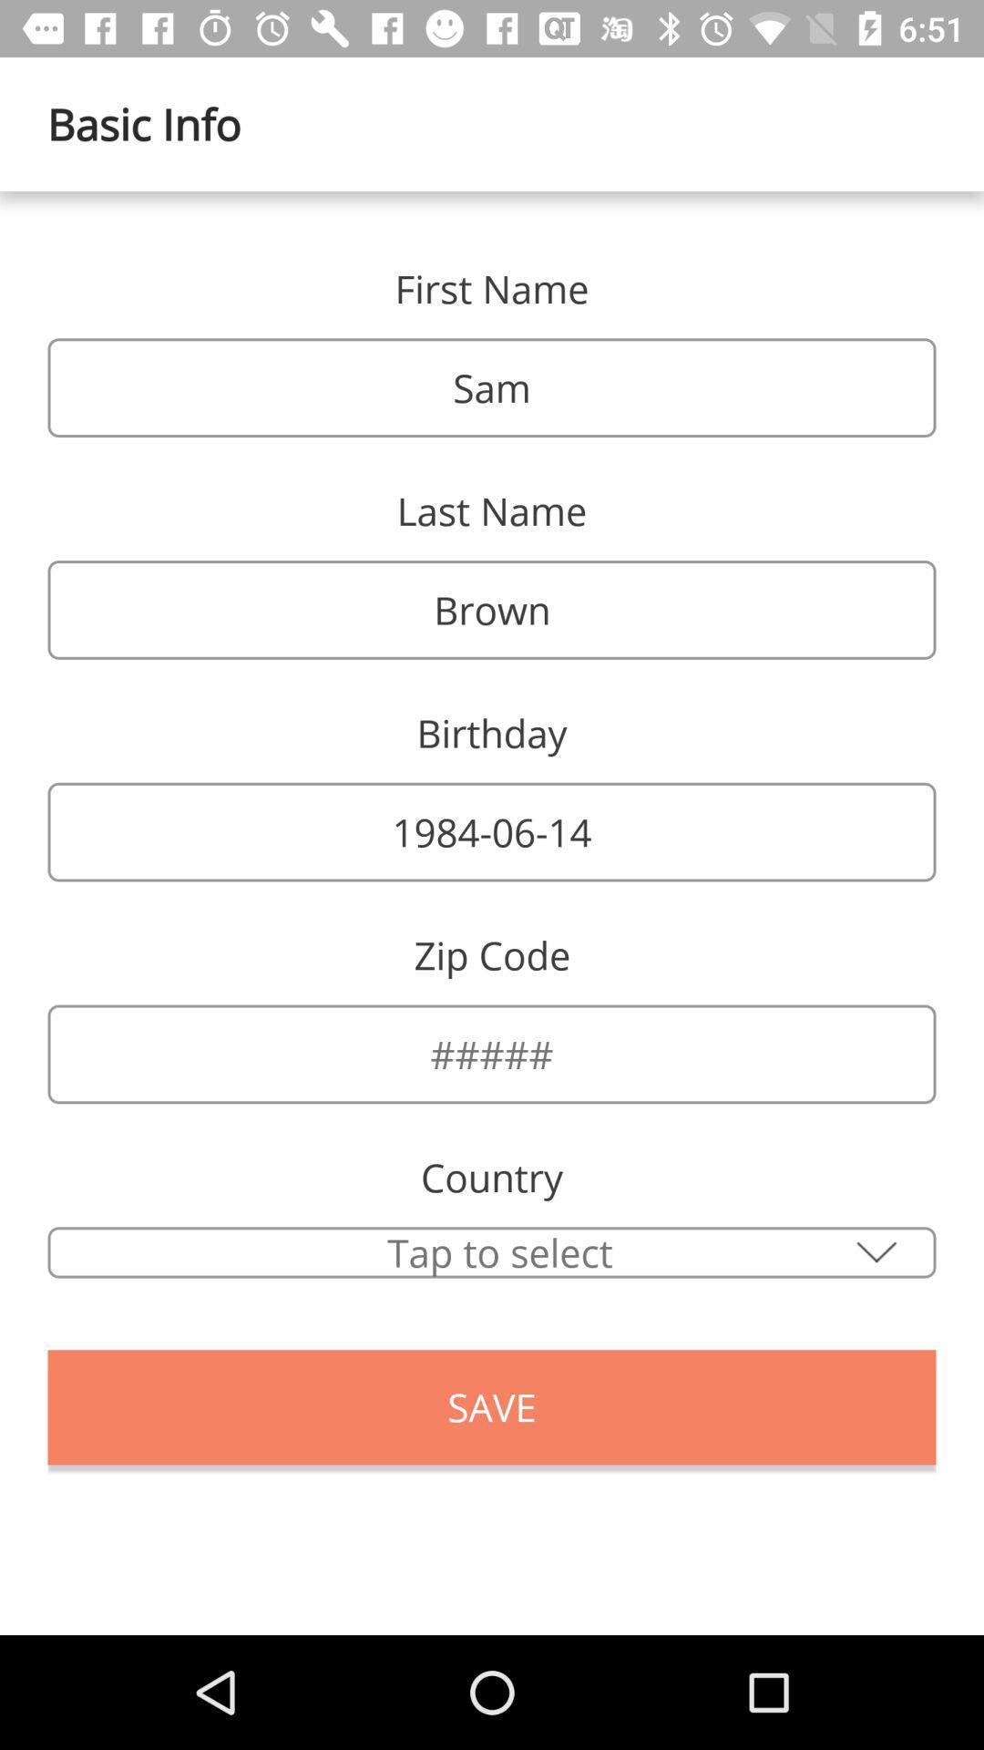 This screenshot has width=984, height=1750. Describe the element at coordinates (492, 1054) in the screenshot. I see `type in zip code` at that location.